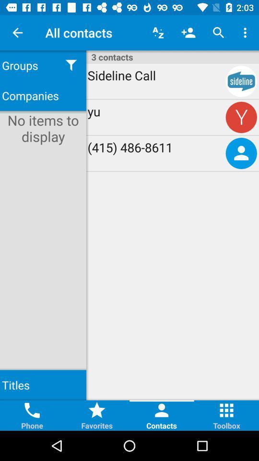 The width and height of the screenshot is (259, 461). I want to click on the icon to the left of 3 contacts item, so click(71, 65).